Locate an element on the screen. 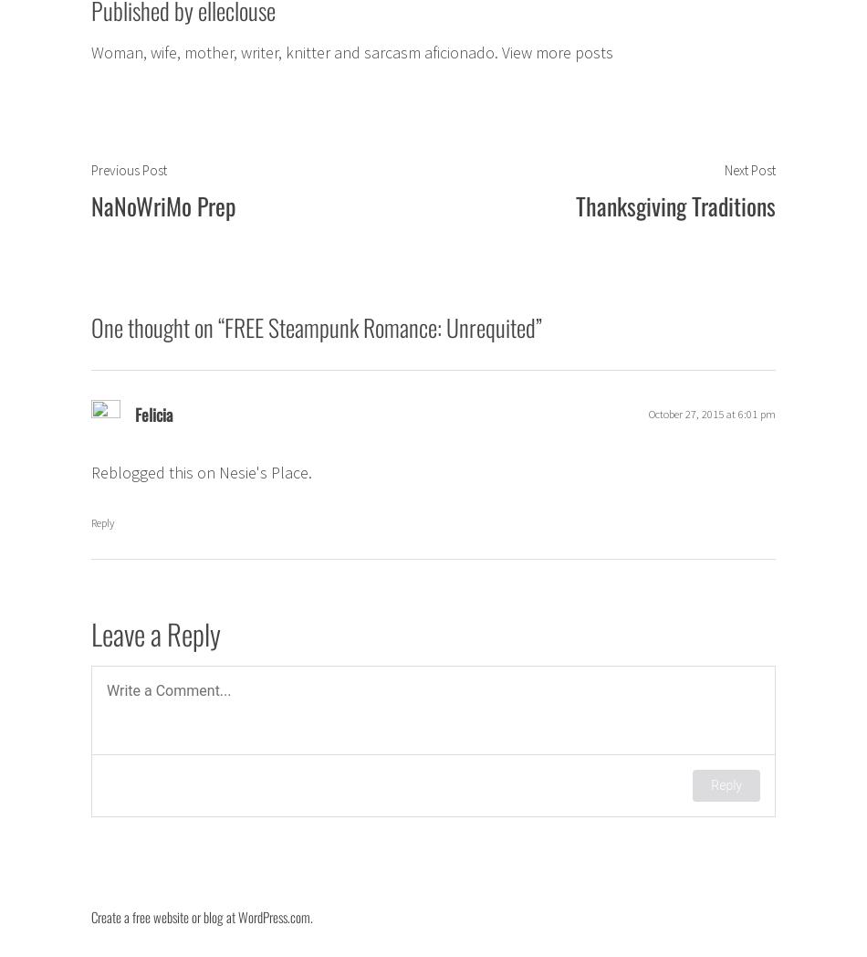  'Nesie's Place' is located at coordinates (262, 472).